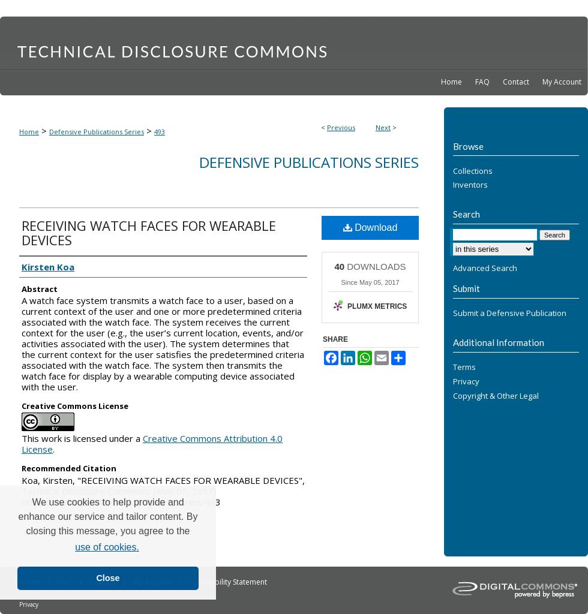  What do you see at coordinates (47, 266) in the screenshot?
I see `'Kirsten Koa'` at bounding box center [47, 266].